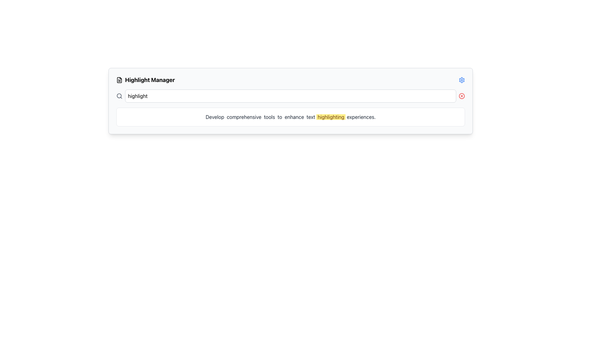 This screenshot has height=338, width=602. What do you see at coordinates (244, 117) in the screenshot?
I see `the static text element displaying the word 'comprehensive', which is positioned between the words 'Develop' and 'tools' in a larger sentence` at bounding box center [244, 117].